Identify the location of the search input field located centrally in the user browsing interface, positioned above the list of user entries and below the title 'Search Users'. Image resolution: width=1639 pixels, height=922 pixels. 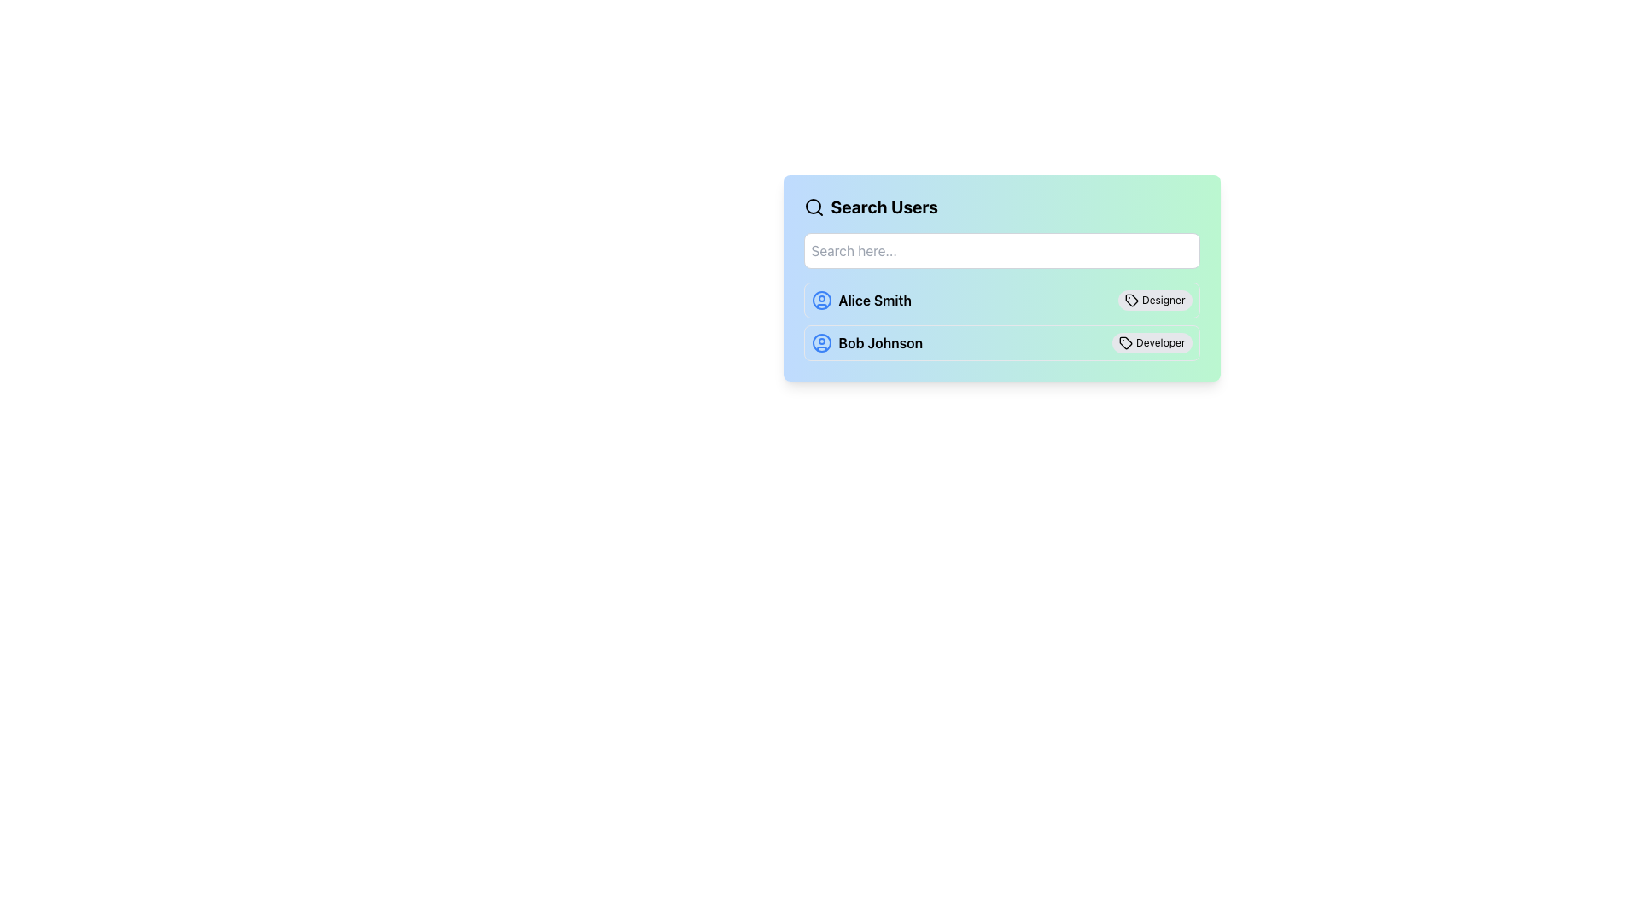
(1001, 277).